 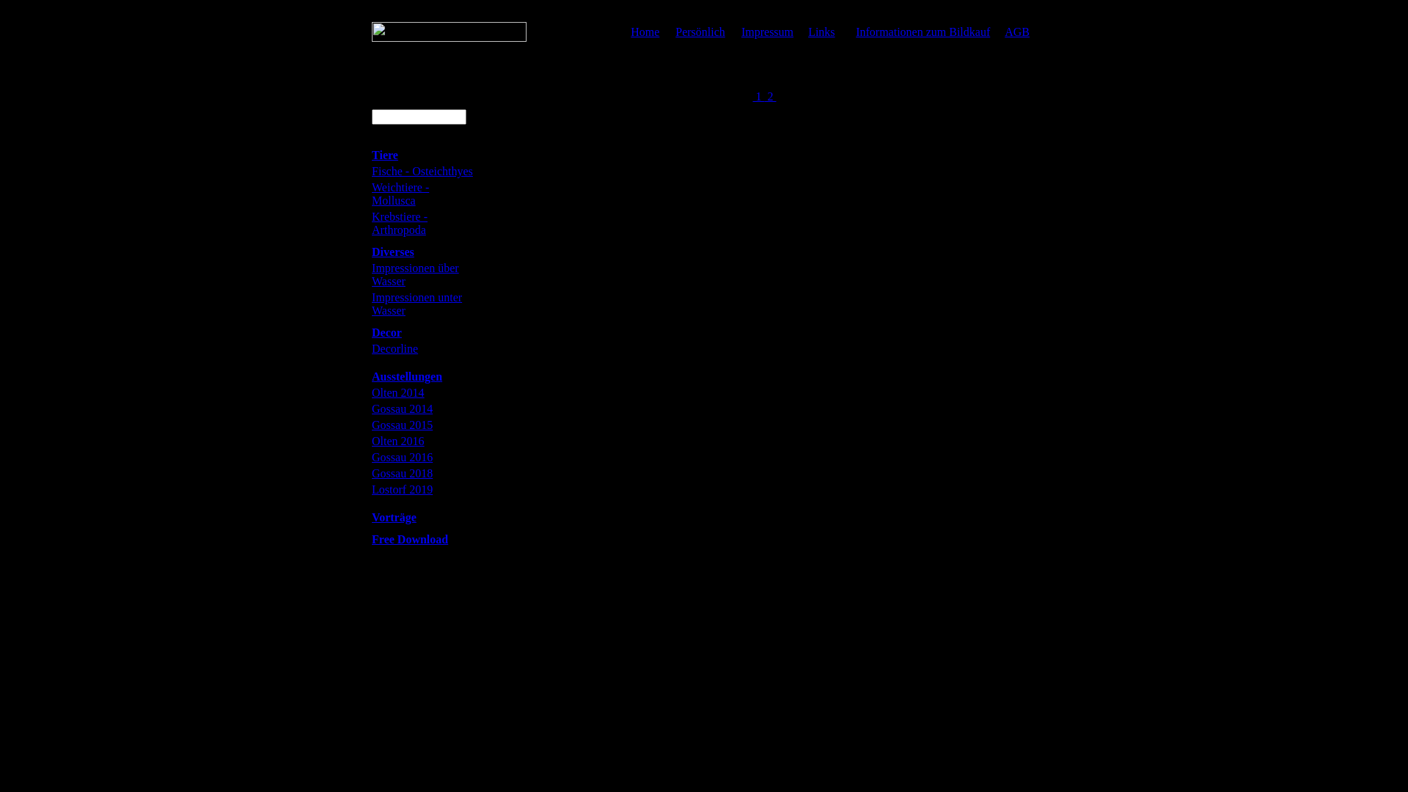 I want to click on 'Tiere', so click(x=384, y=155).